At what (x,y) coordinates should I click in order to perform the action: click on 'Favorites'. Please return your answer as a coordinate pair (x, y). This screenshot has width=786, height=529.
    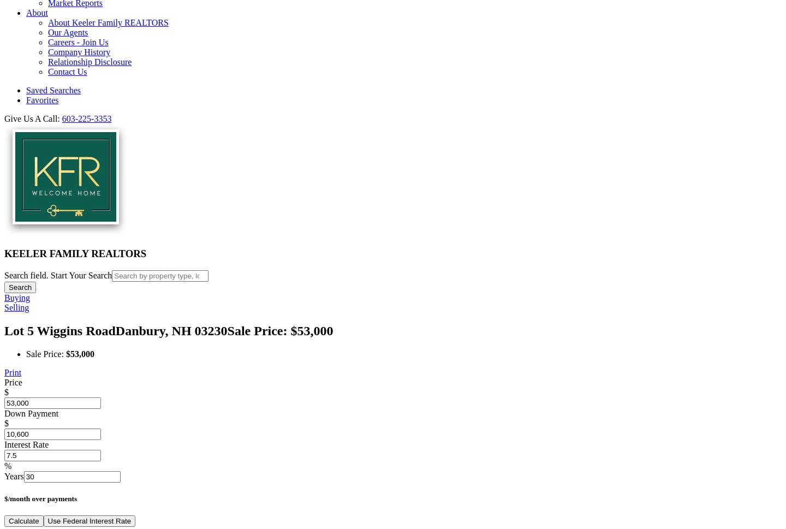
    Looking at the image, I should click on (25, 100).